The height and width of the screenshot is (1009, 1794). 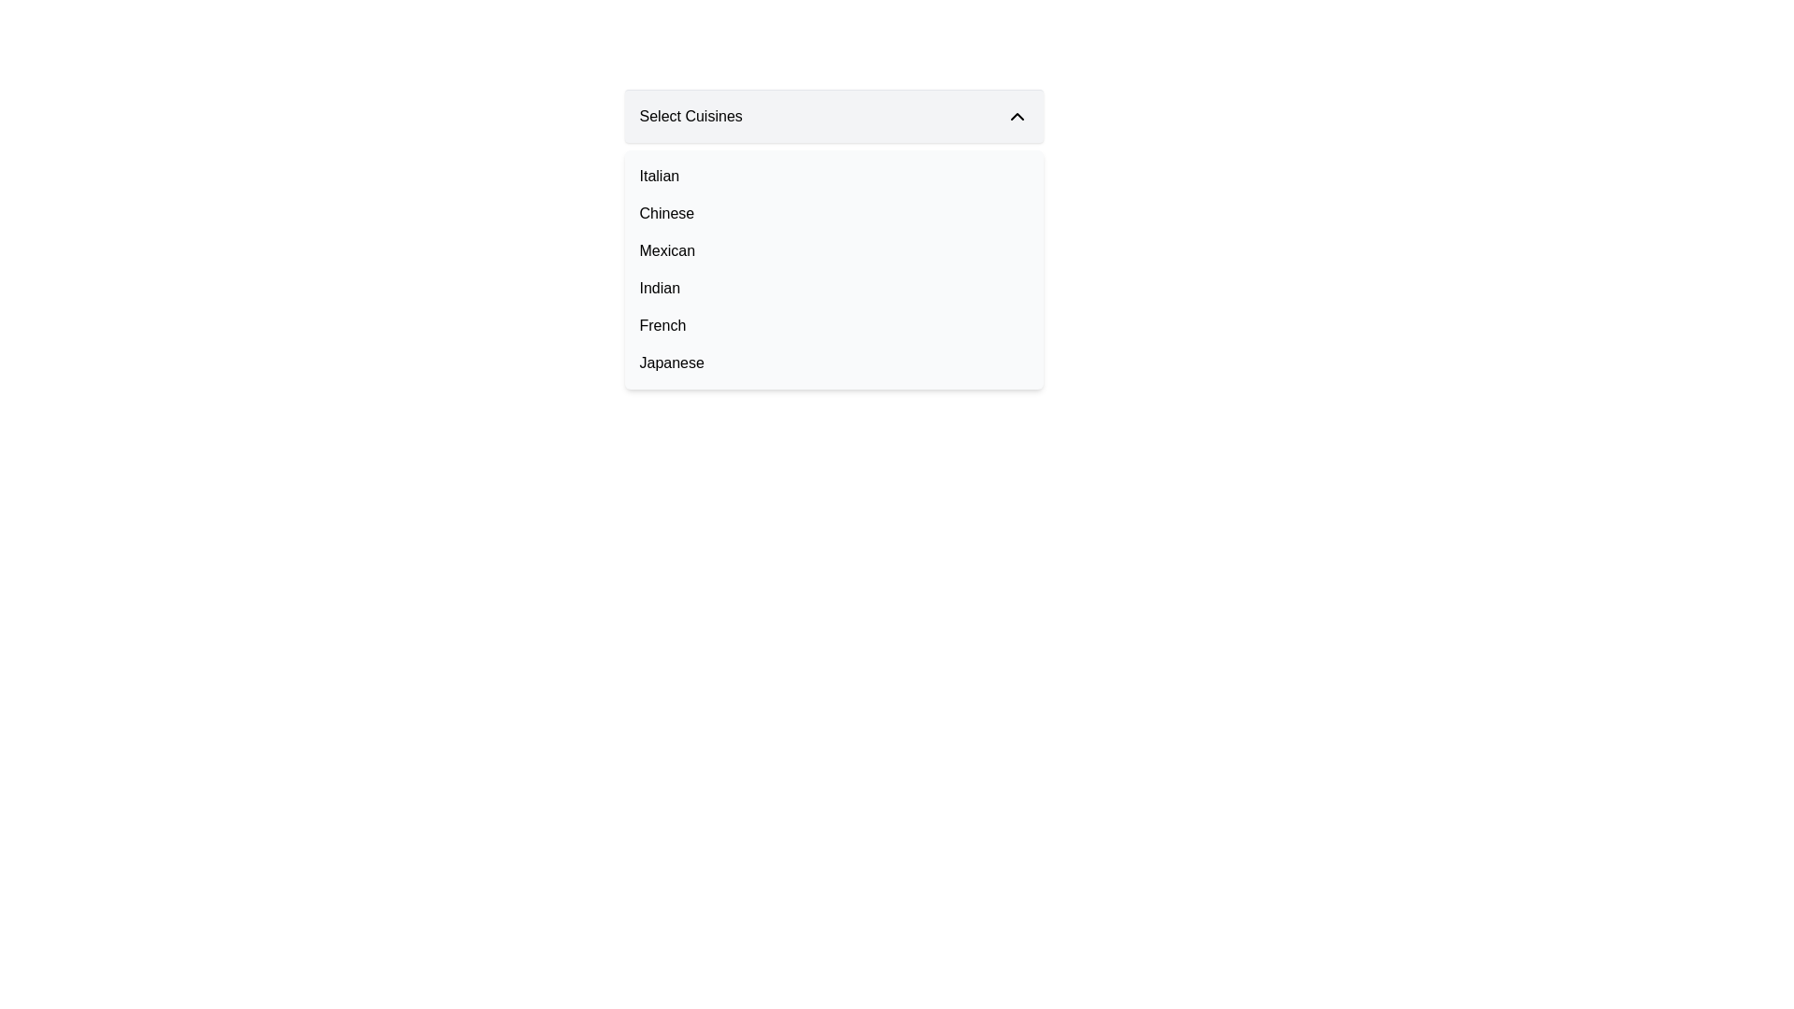 What do you see at coordinates (666, 212) in the screenshot?
I see `the text label displaying 'Chinese' in the dropdown menu` at bounding box center [666, 212].